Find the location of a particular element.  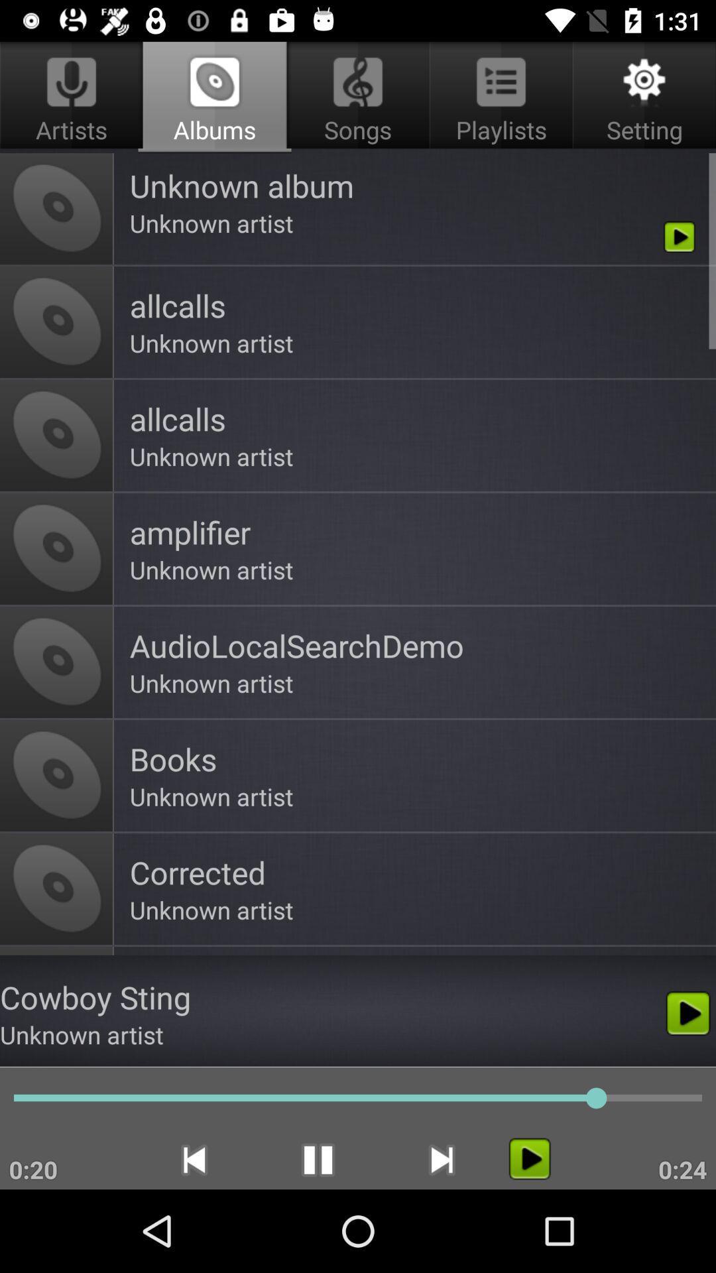

play is located at coordinates (529, 1158).